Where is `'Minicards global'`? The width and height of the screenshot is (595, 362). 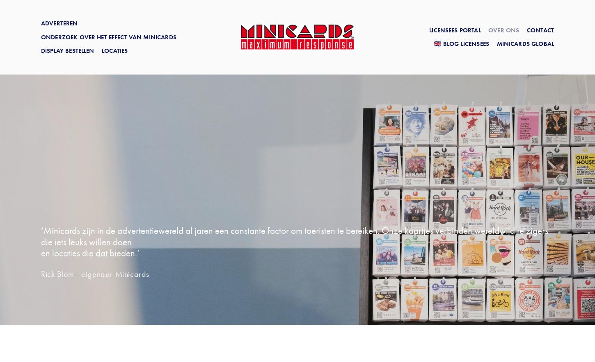
'Minicards global' is located at coordinates (525, 43).